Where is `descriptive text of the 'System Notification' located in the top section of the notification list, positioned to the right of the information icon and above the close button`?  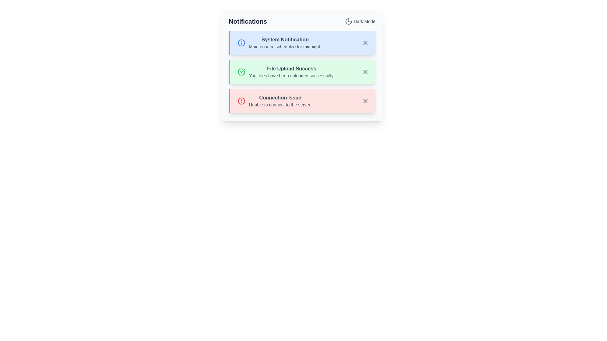
descriptive text of the 'System Notification' located in the top section of the notification list, positioned to the right of the information icon and above the close button is located at coordinates (285, 43).